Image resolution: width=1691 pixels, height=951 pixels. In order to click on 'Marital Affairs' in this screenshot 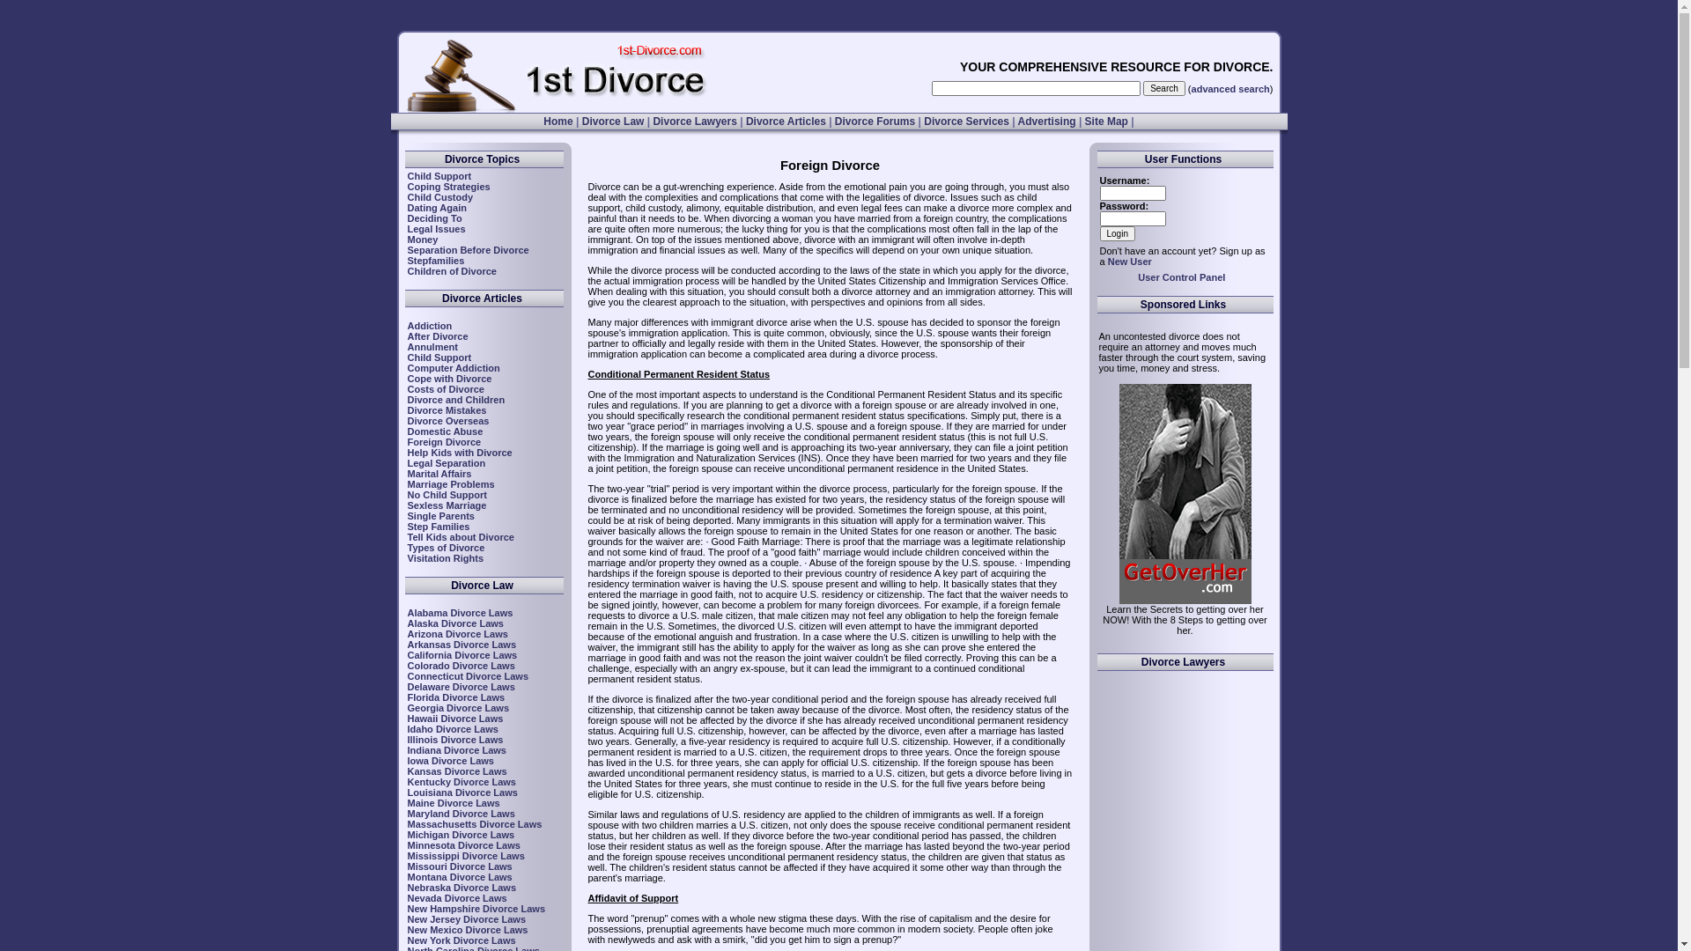, I will do `click(405, 472)`.